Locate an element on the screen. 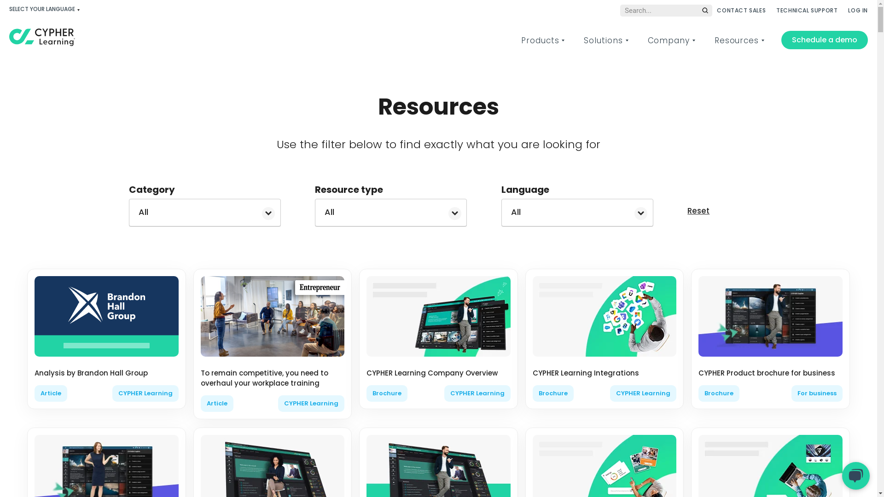 This screenshot has height=497, width=884. 'Reset' is located at coordinates (698, 211).